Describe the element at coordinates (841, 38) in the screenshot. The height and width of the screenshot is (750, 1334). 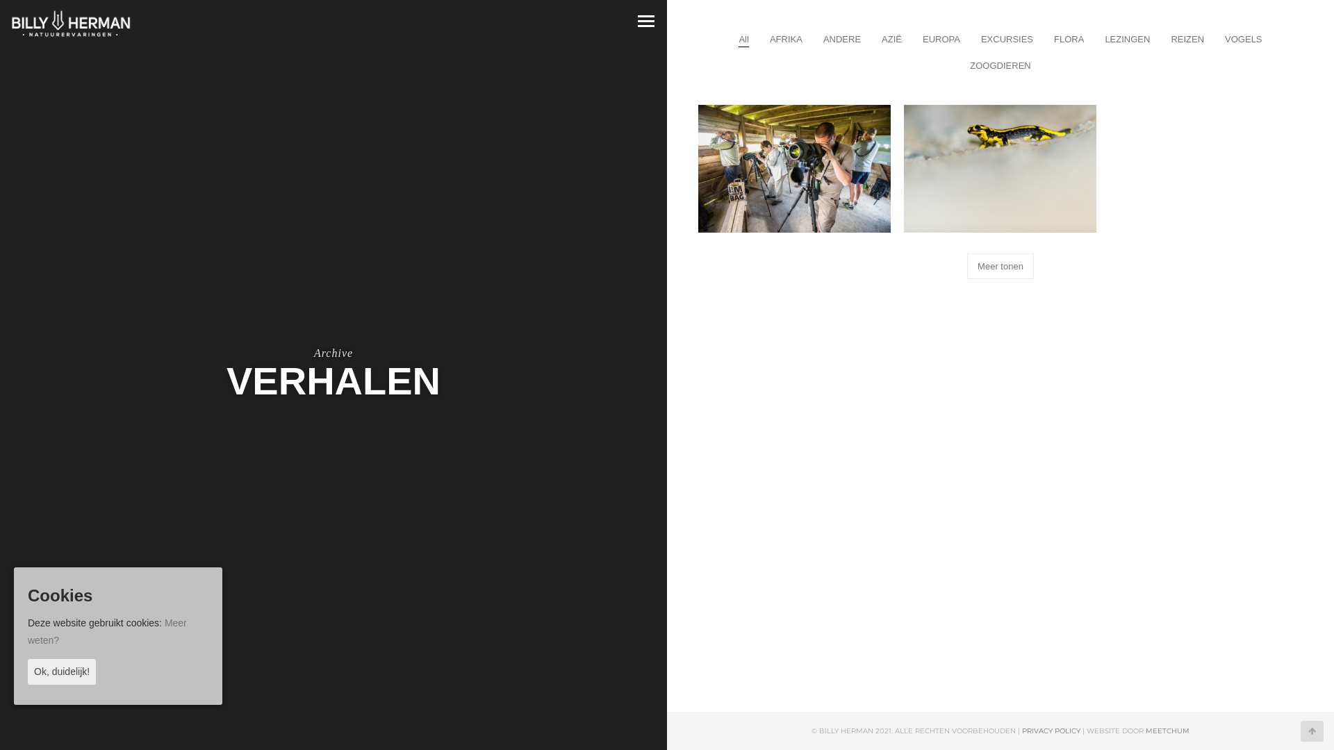
I see `'ANDERE'` at that location.